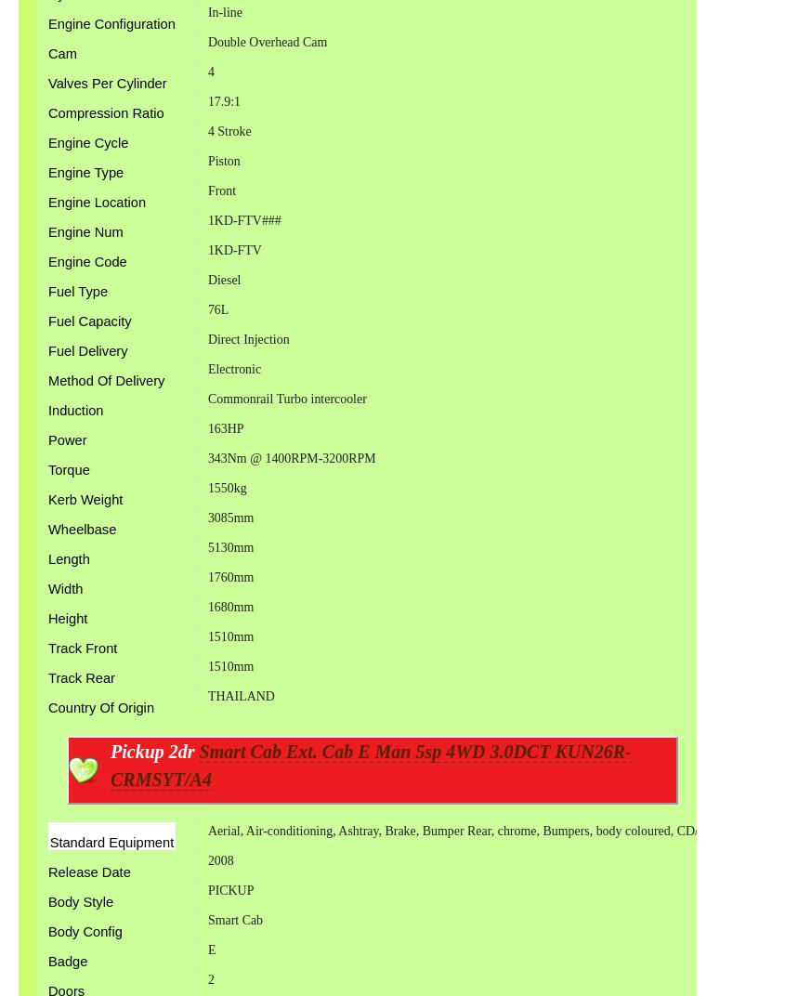  Describe the element at coordinates (267, 41) in the screenshot. I see `'Double Overhead Cam'` at that location.